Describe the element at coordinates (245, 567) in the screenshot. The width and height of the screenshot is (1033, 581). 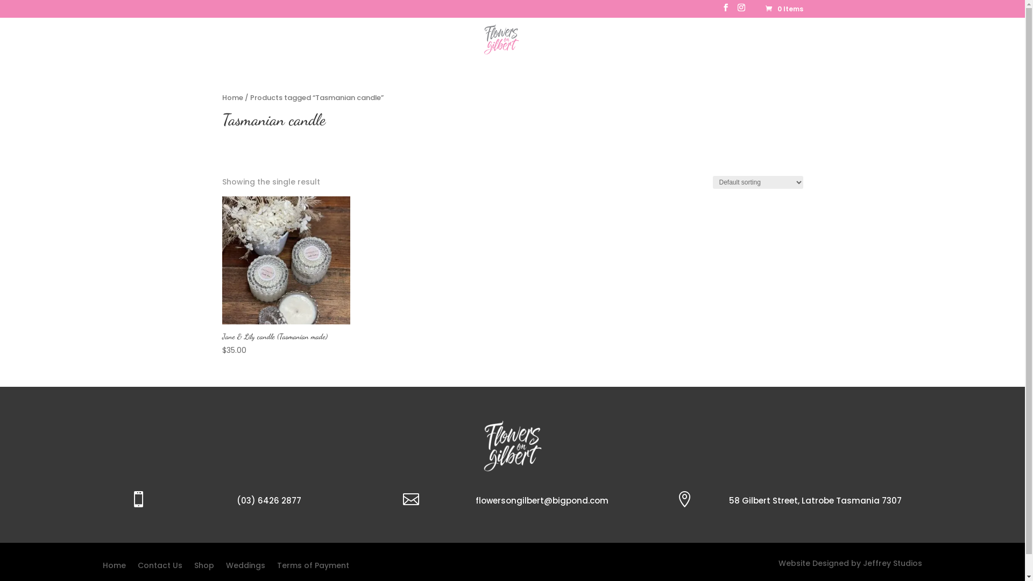
I see `'Weddings'` at that location.